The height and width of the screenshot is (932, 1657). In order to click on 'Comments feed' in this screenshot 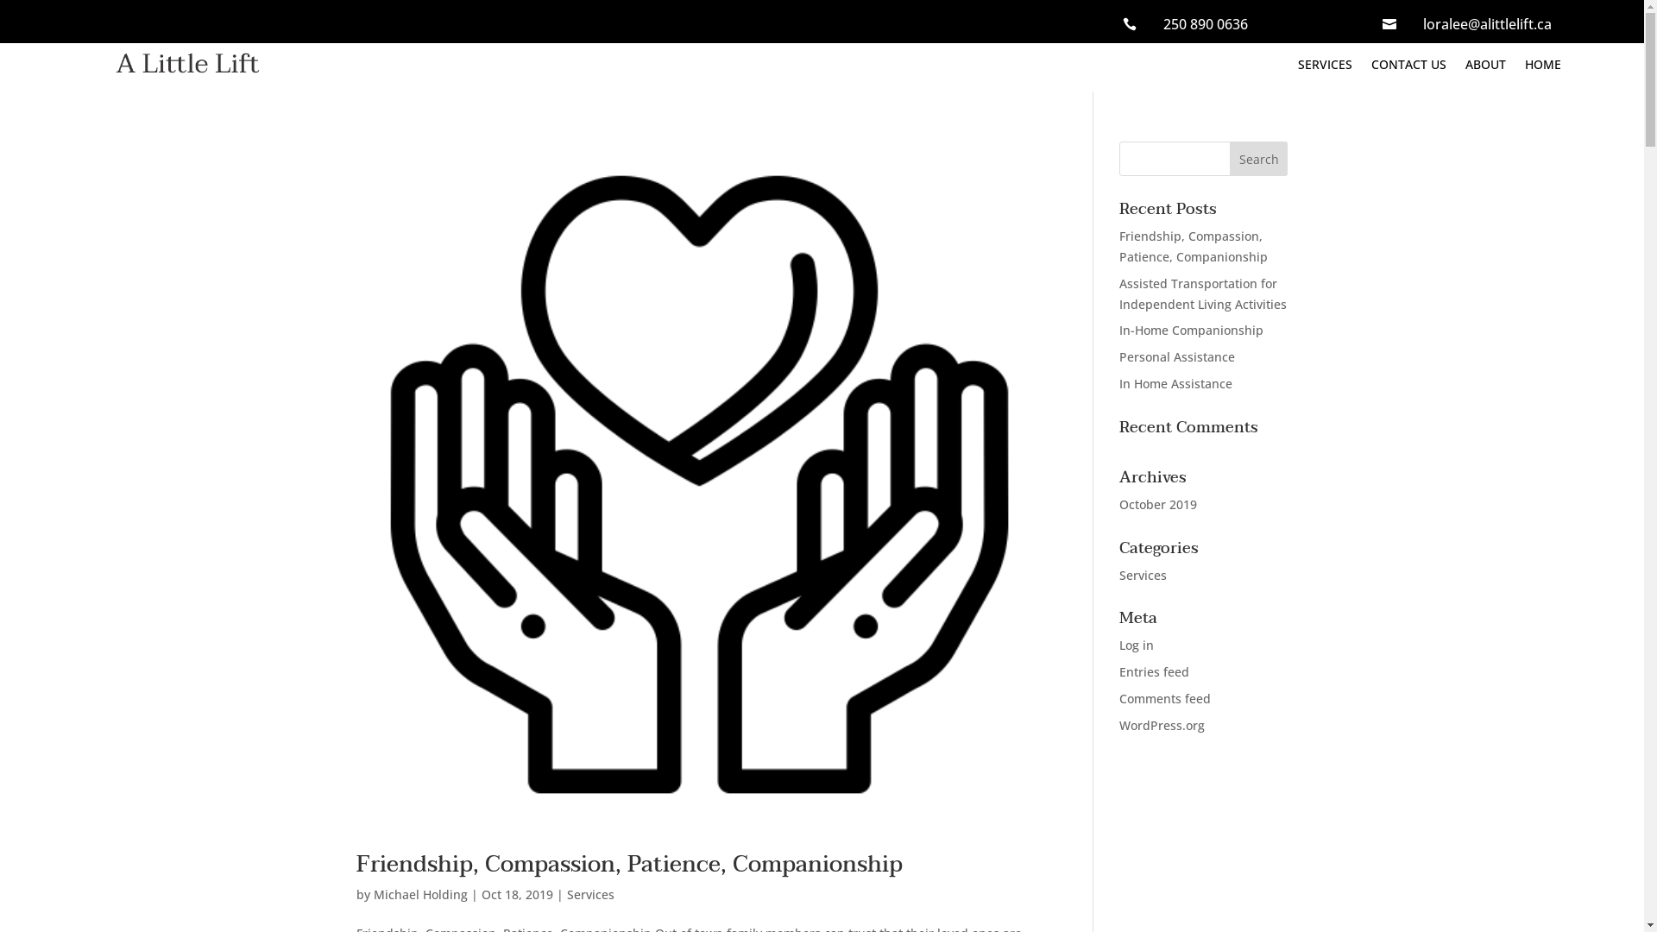, I will do `click(1164, 697)`.